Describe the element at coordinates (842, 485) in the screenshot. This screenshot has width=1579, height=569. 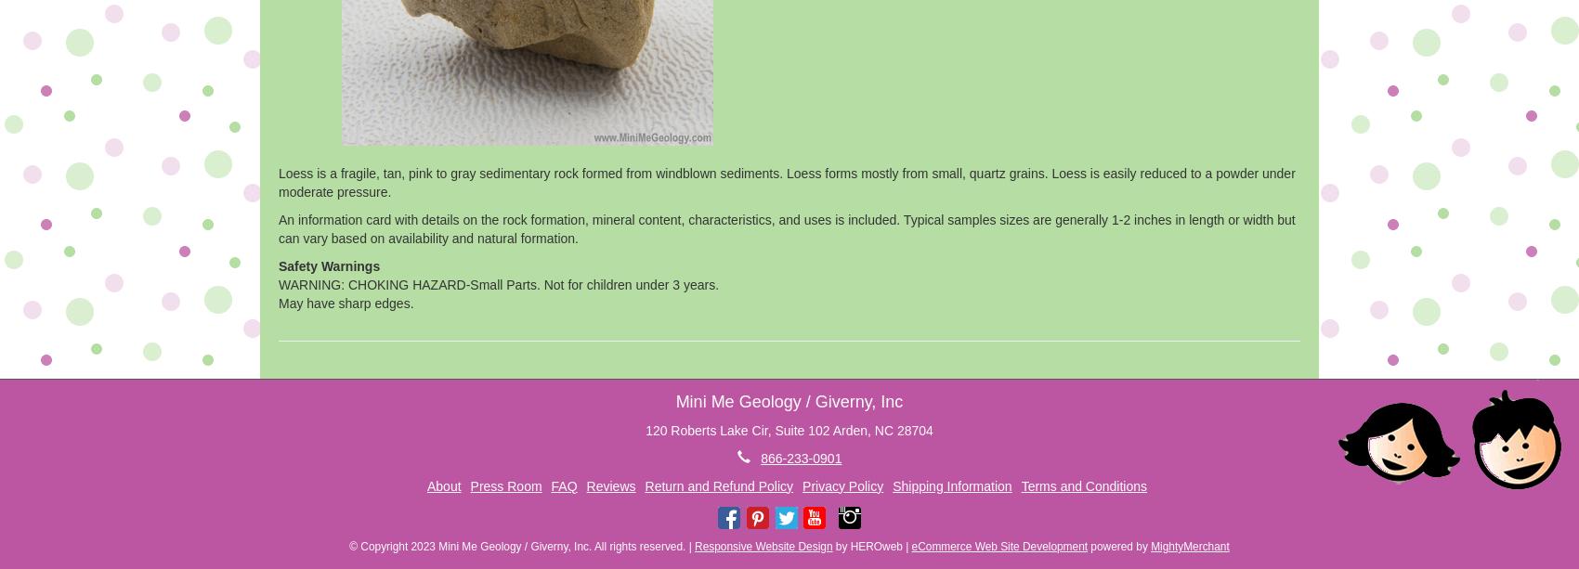
I see `'Privacy Policy'` at that location.